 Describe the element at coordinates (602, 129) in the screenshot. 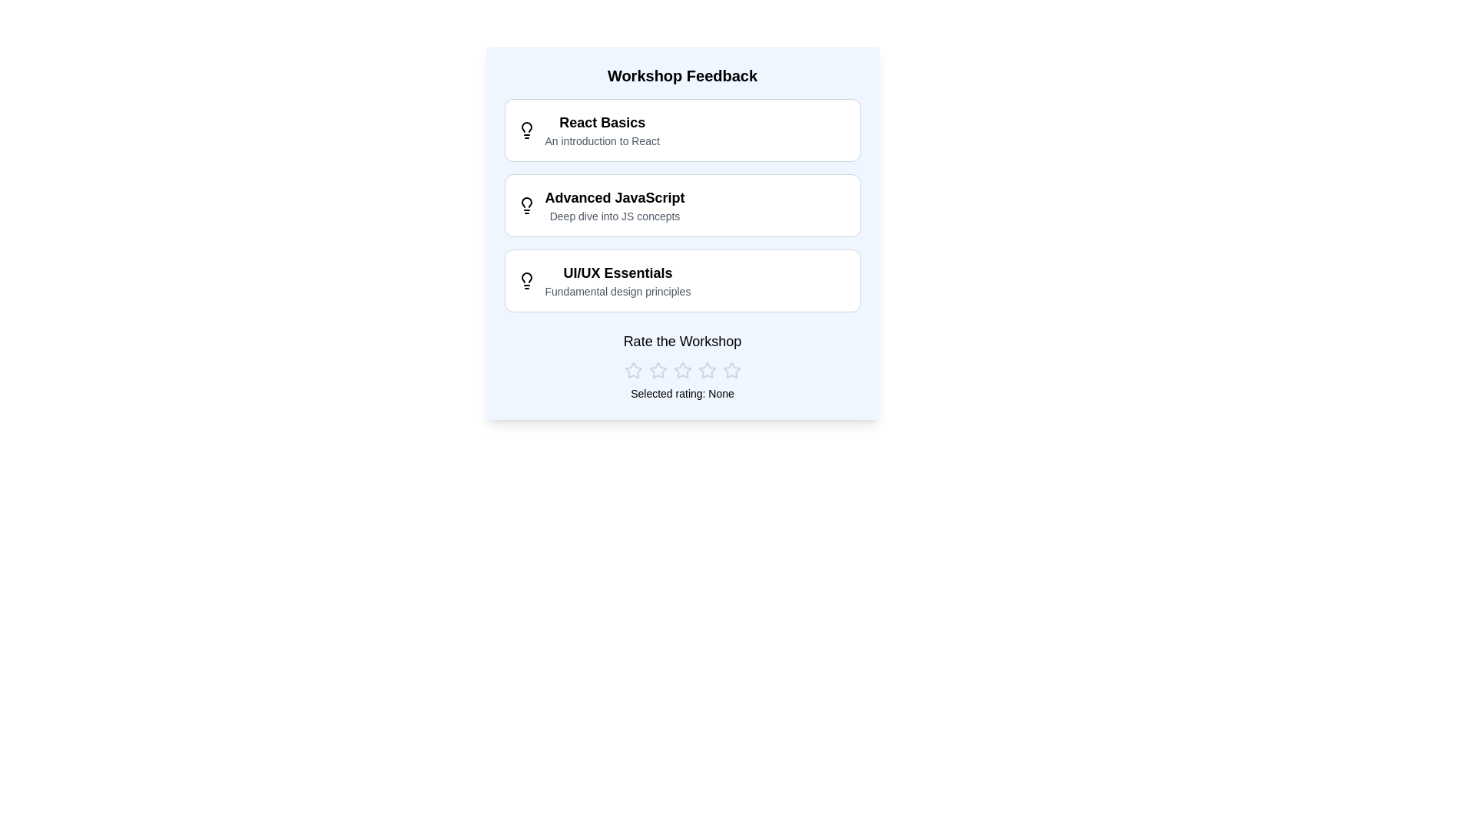

I see `text displayed in the Text block titled 'React Basics' located in the first card of the 'Workshop Feedback' section, which contains two lines of text with hierarchical styling` at that location.